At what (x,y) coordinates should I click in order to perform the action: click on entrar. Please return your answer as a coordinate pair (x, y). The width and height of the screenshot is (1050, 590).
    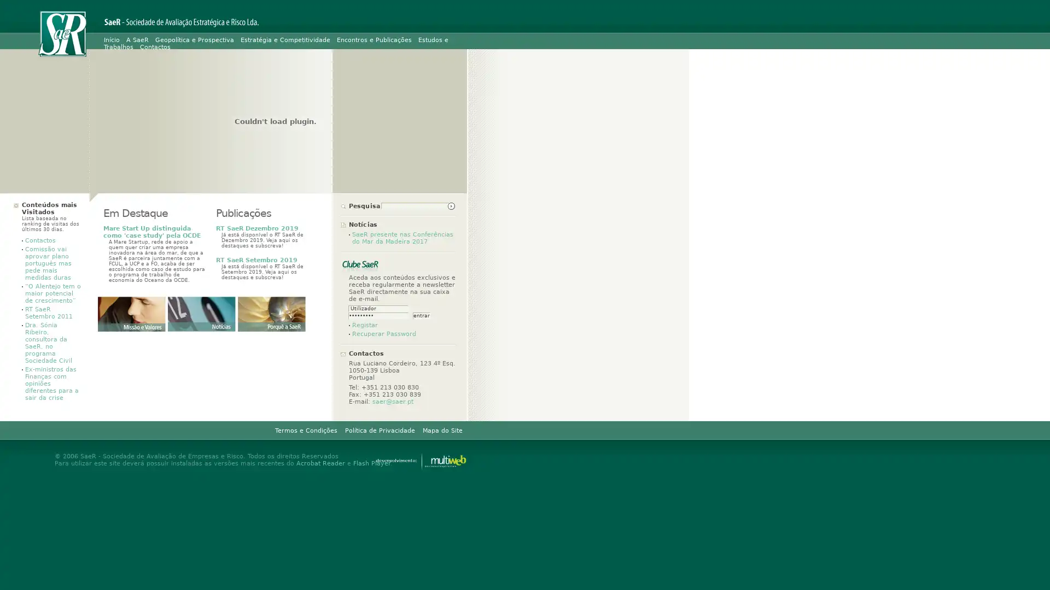
    Looking at the image, I should click on (421, 316).